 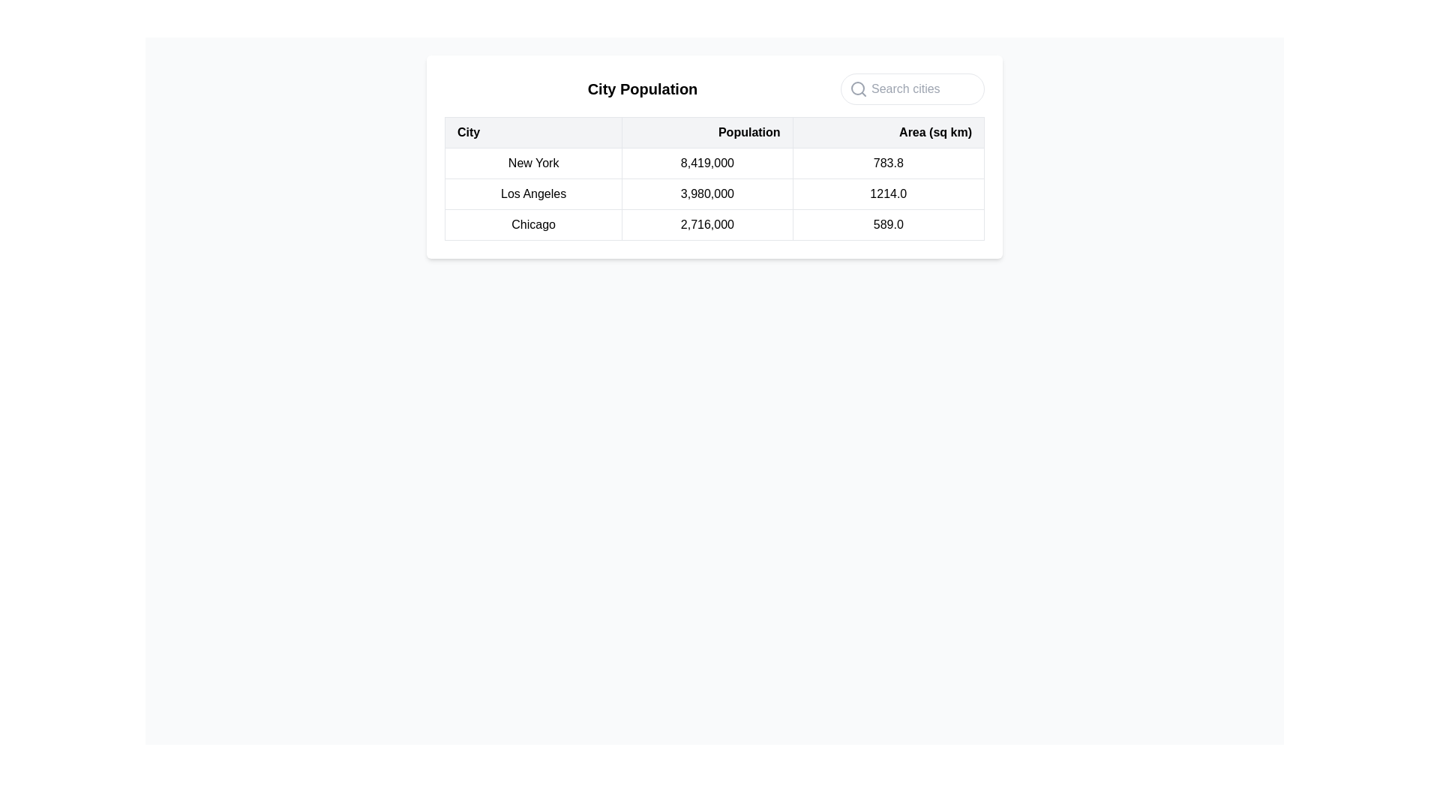 I want to click on text label displaying 'New York', which is the first item in a row of the 'City Population' section, positioned under the 'City' header, so click(x=533, y=163).